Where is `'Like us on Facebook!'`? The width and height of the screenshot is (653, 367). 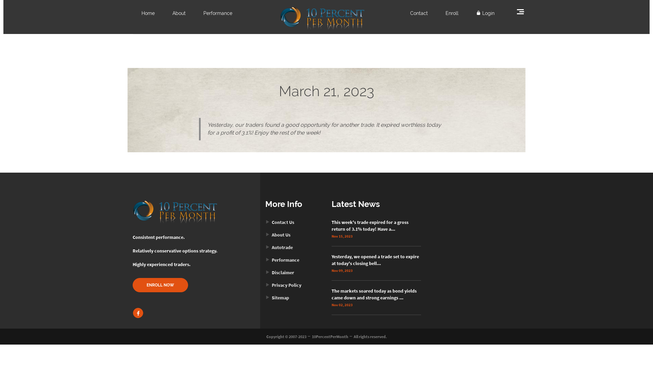 'Like us on Facebook!' is located at coordinates (138, 313).